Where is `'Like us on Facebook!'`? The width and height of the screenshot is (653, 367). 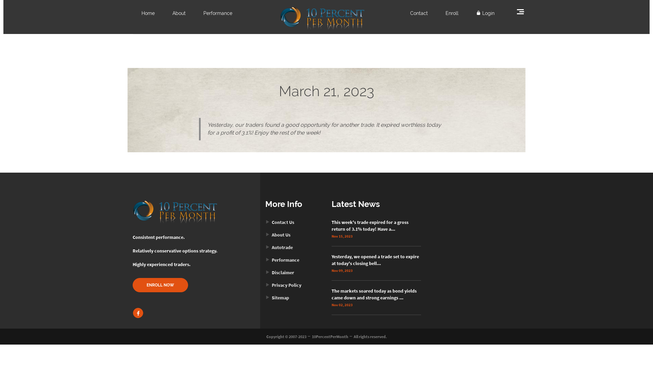 'Like us on Facebook!' is located at coordinates (138, 313).